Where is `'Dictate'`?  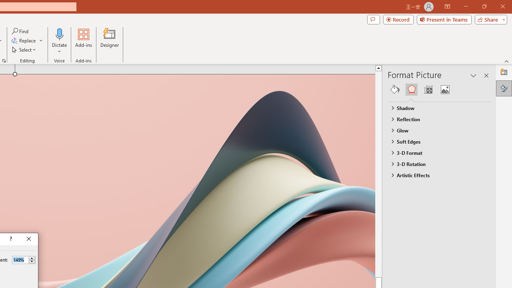 'Dictate' is located at coordinates (59, 41).